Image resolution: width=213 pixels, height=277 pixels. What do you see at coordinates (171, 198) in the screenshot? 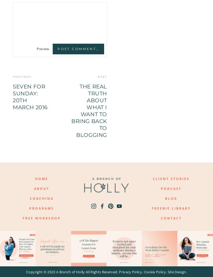
I see `'BLOG'` at bounding box center [171, 198].